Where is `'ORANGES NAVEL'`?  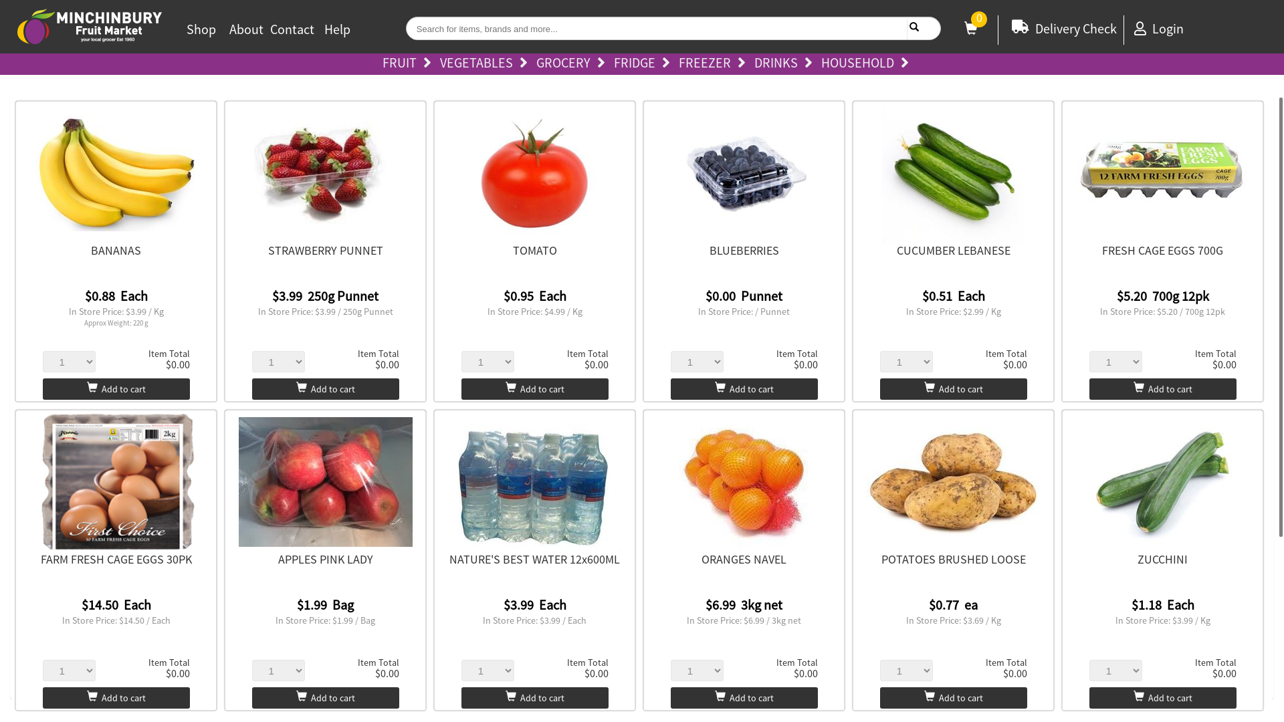 'ORANGES NAVEL' is located at coordinates (743, 559).